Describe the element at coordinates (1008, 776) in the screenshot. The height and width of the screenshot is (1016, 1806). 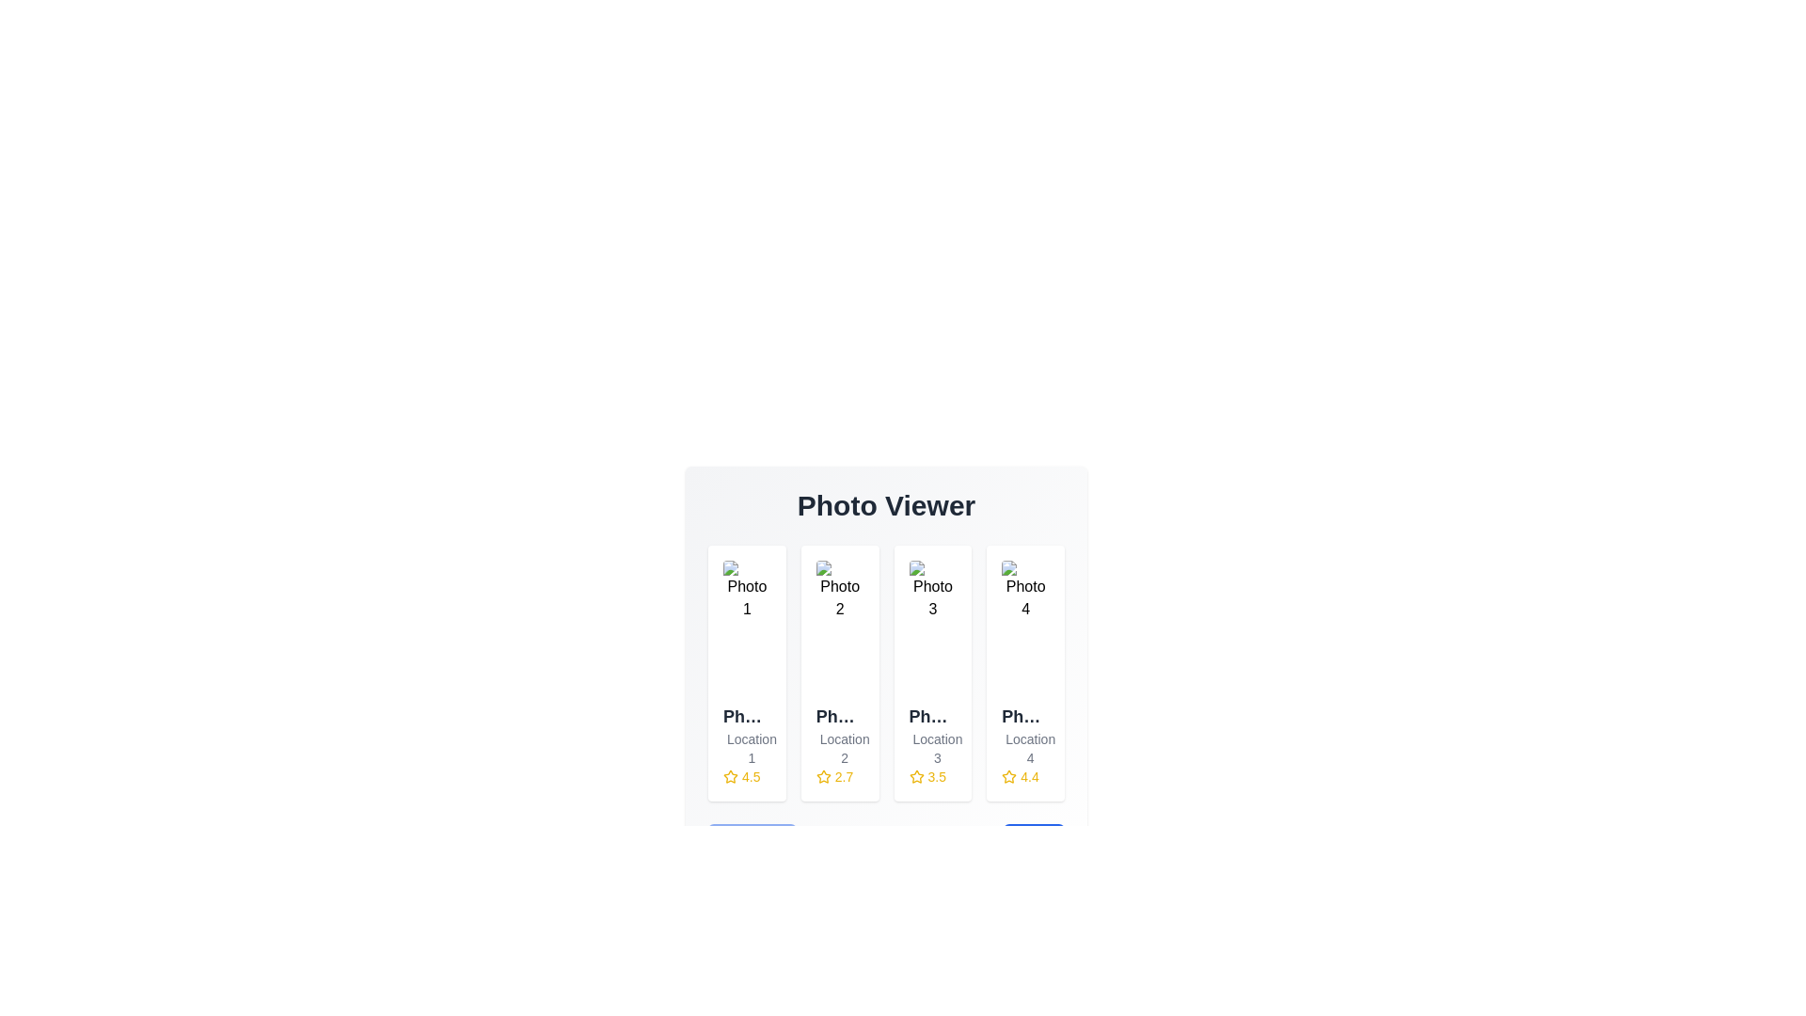
I see `the interactive rating star icon` at that location.